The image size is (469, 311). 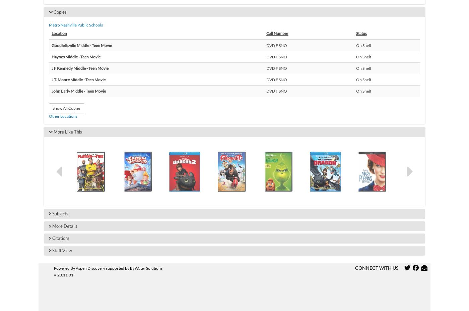 I want to click on 'Gower Elementary', so click(x=88, y=112).